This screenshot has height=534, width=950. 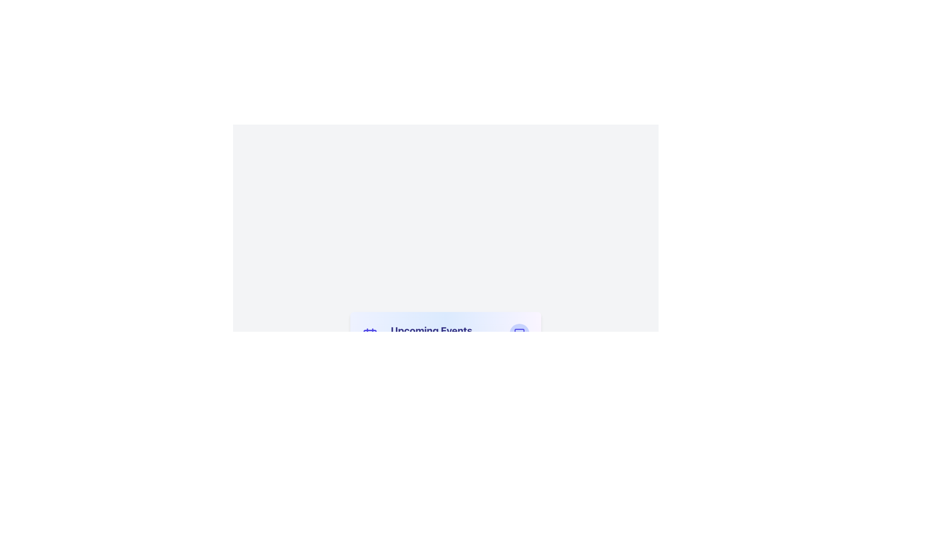 I want to click on text from the 'Upcoming Events' section header and subtext, which includes bold text 'Upcoming Events' and smaller subtext 'Track your events effectively', so click(x=420, y=335).